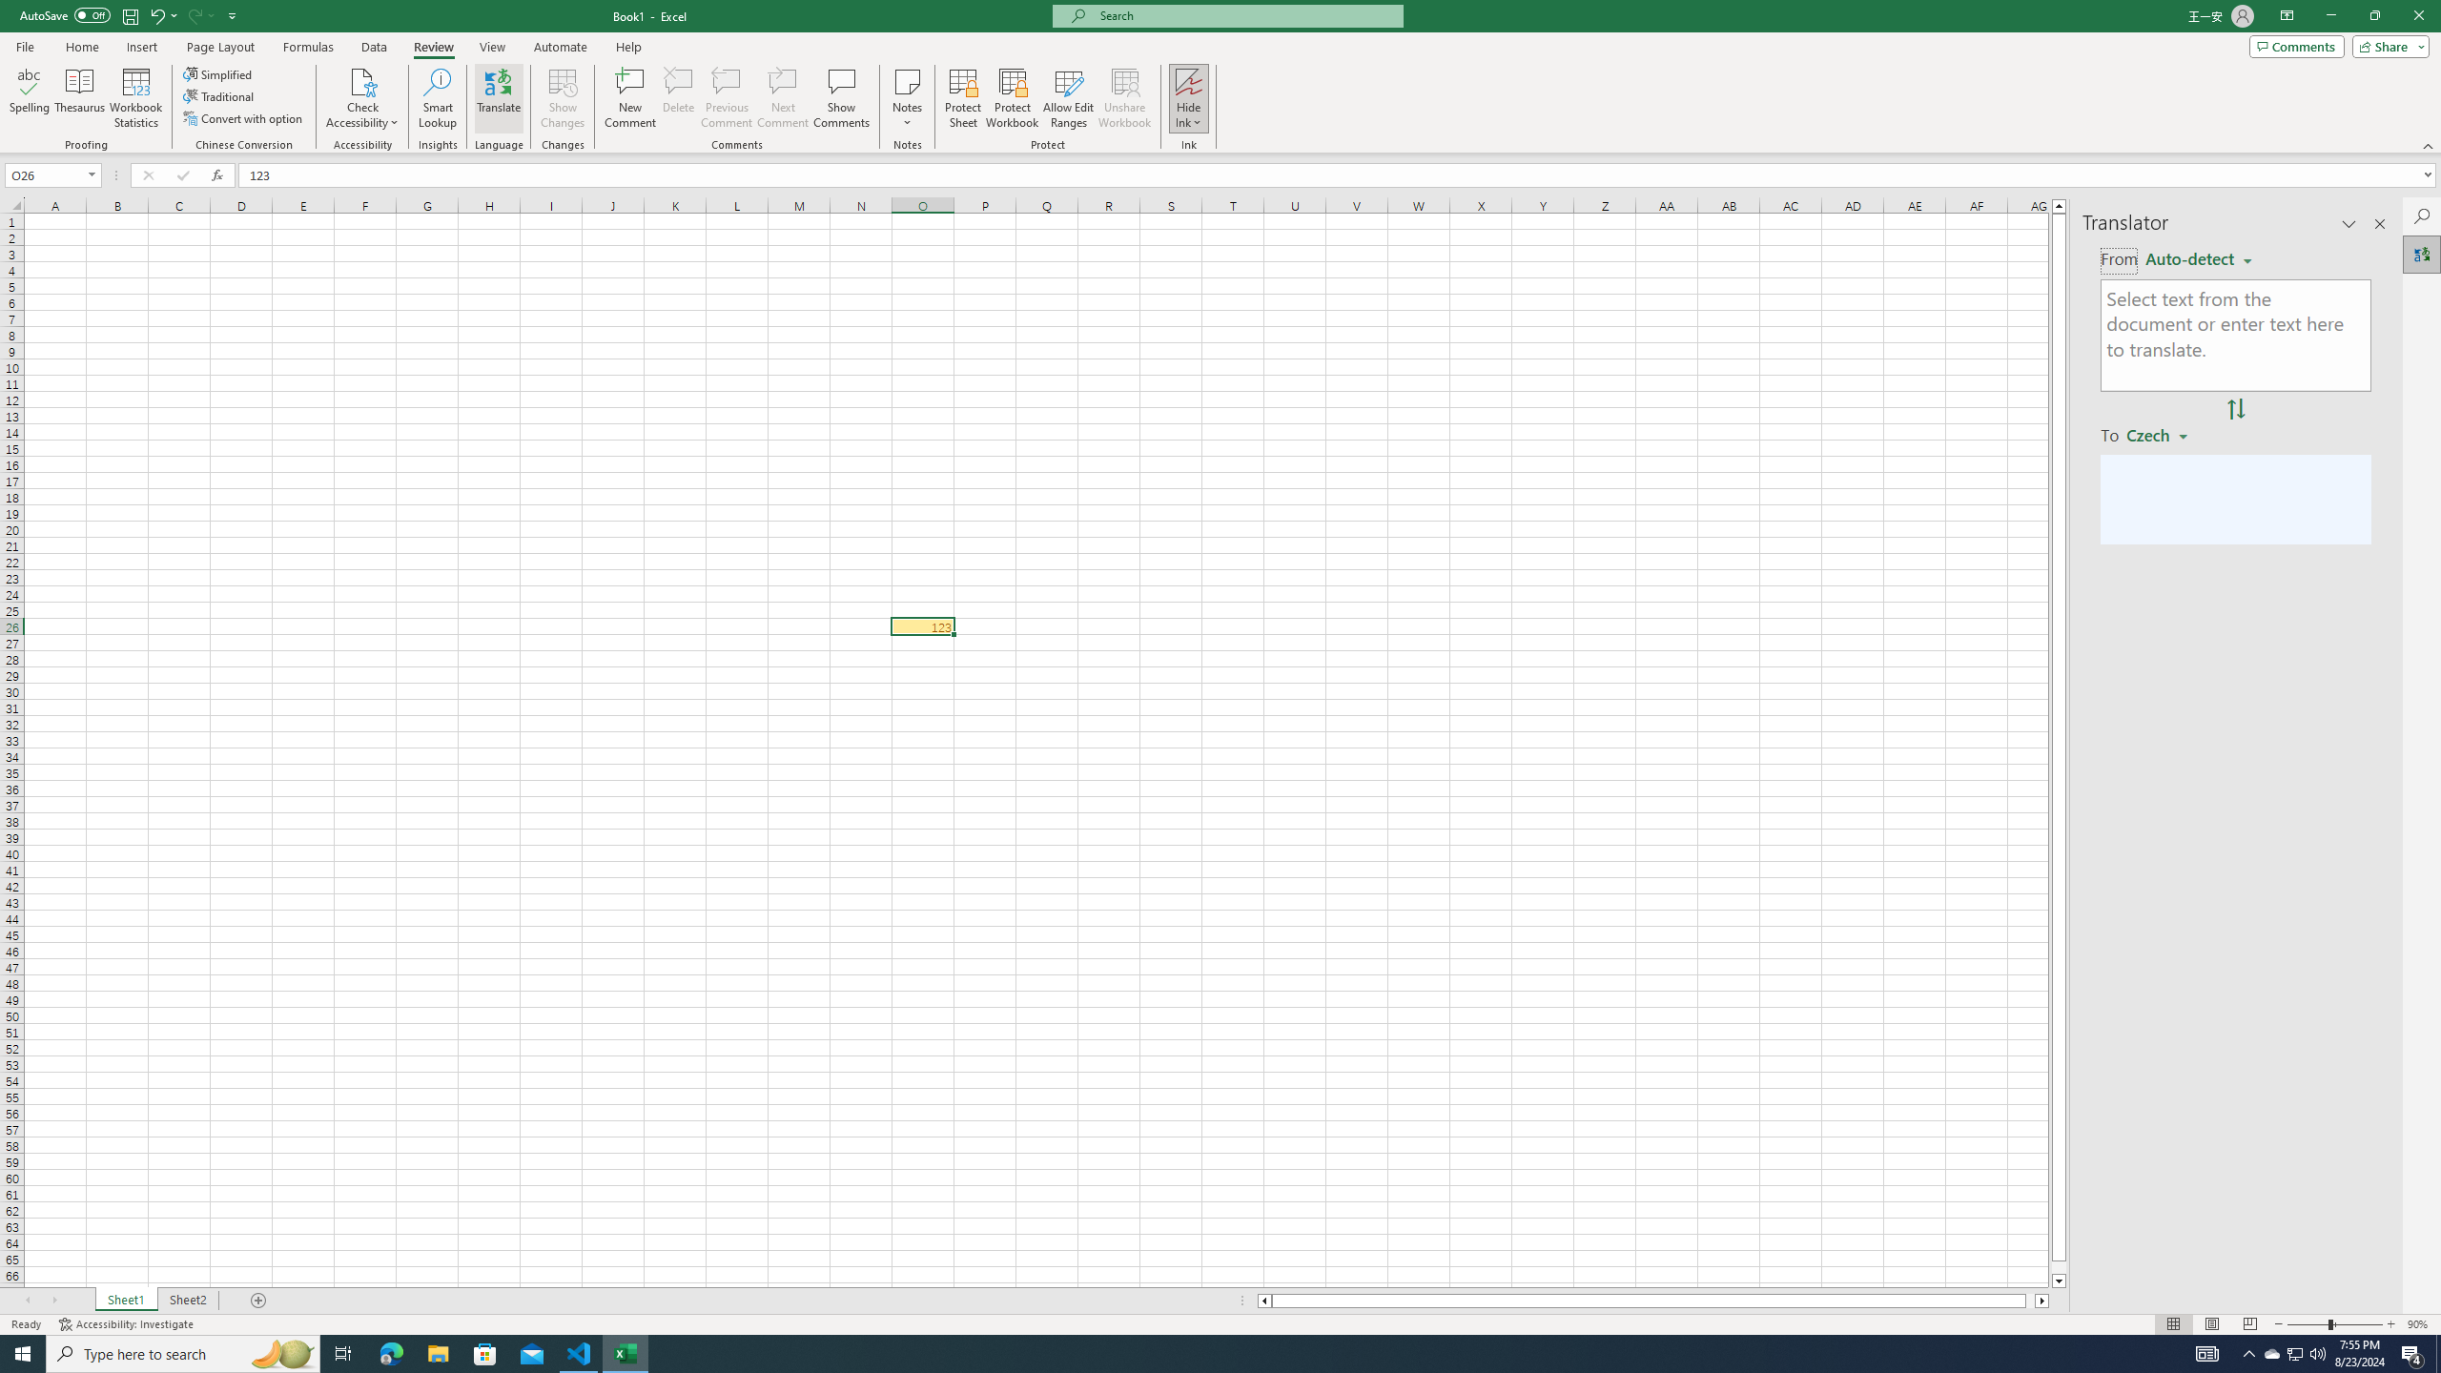  Describe the element at coordinates (128, 1324) in the screenshot. I see `'Accessibility Checker Accessibility: Investigate'` at that location.